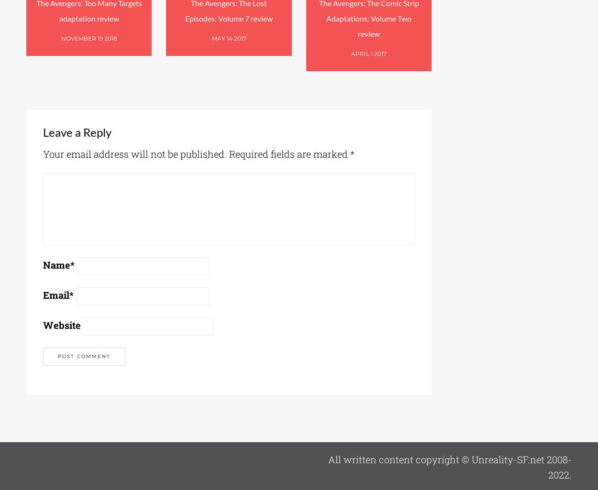 The width and height of the screenshot is (598, 490). Describe the element at coordinates (43, 324) in the screenshot. I see `'Website'` at that location.